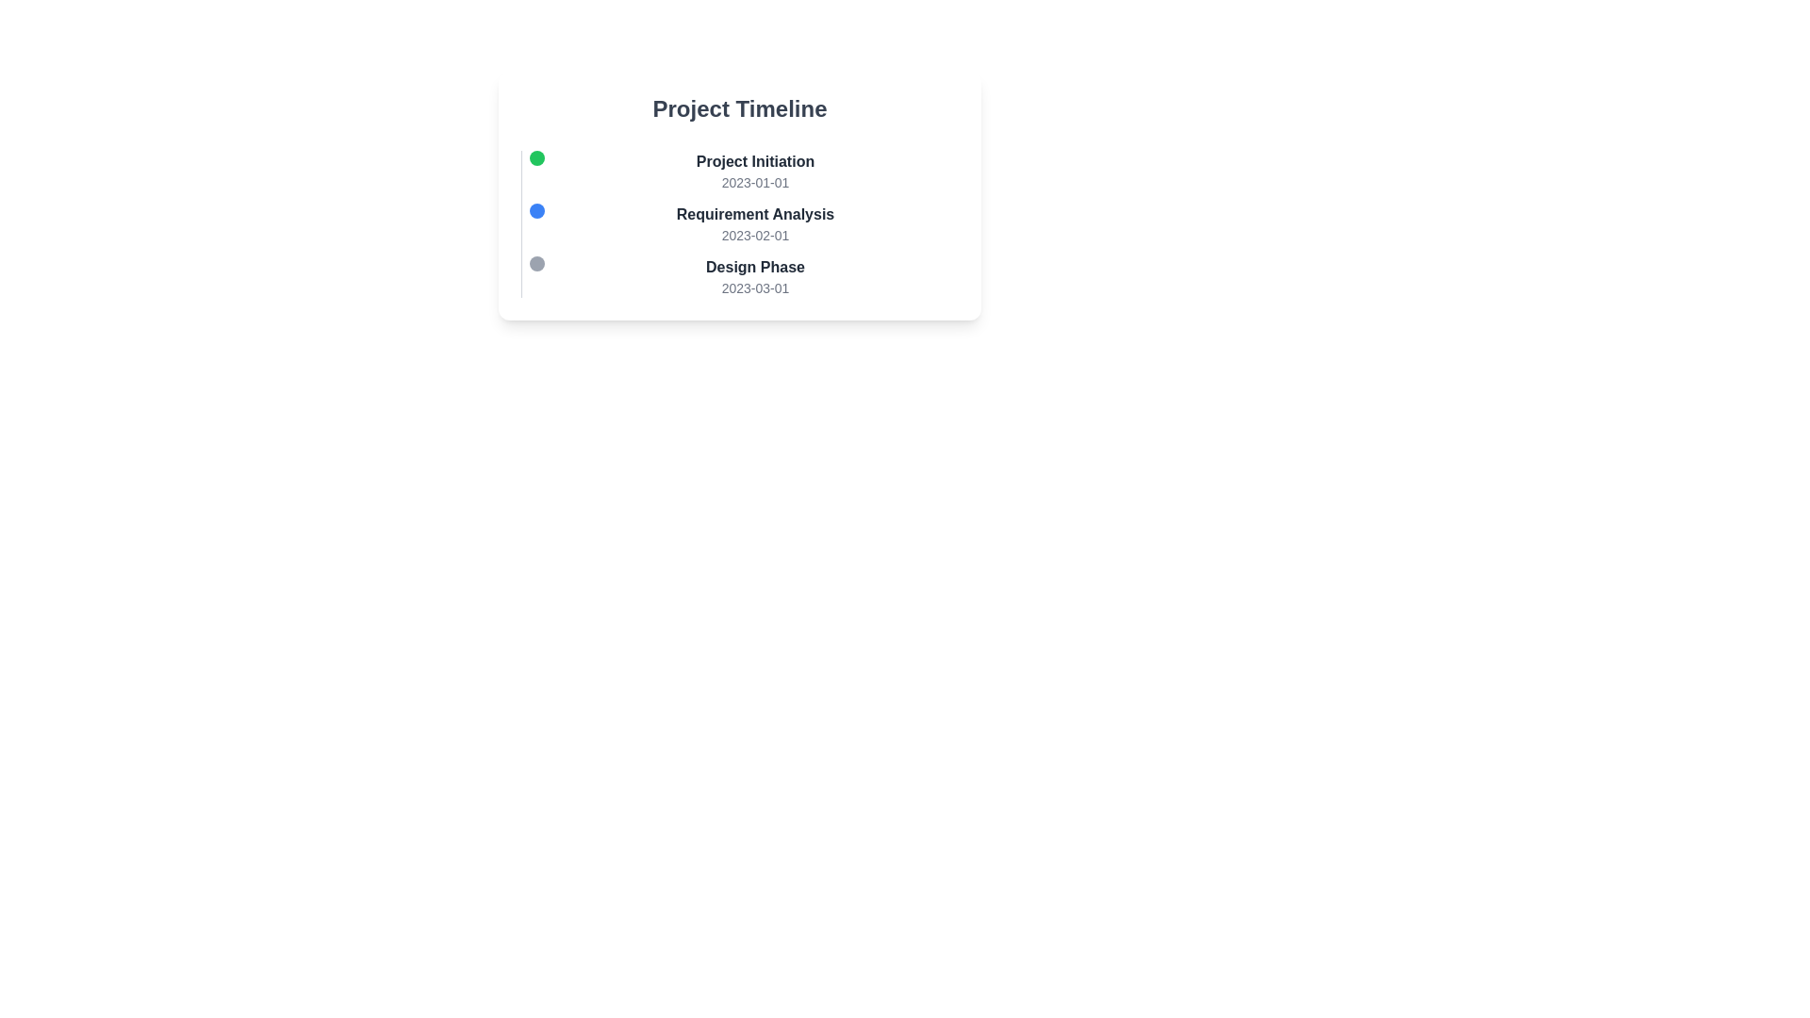 The width and height of the screenshot is (1810, 1018). I want to click on the static text element displaying the title 'Design Phase', which is bold and dark gray, located in the timeline below 'Requirement Analysis', so click(755, 268).